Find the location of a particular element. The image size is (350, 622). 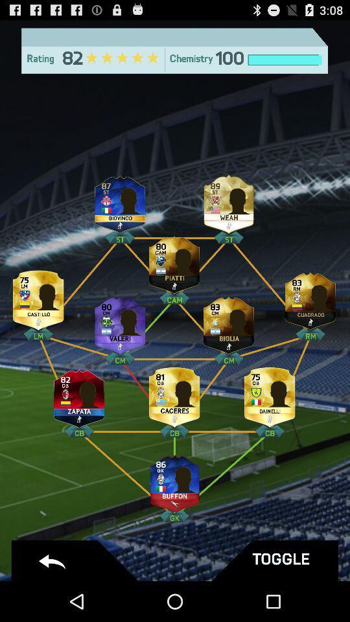

profile is located at coordinates (310, 298).